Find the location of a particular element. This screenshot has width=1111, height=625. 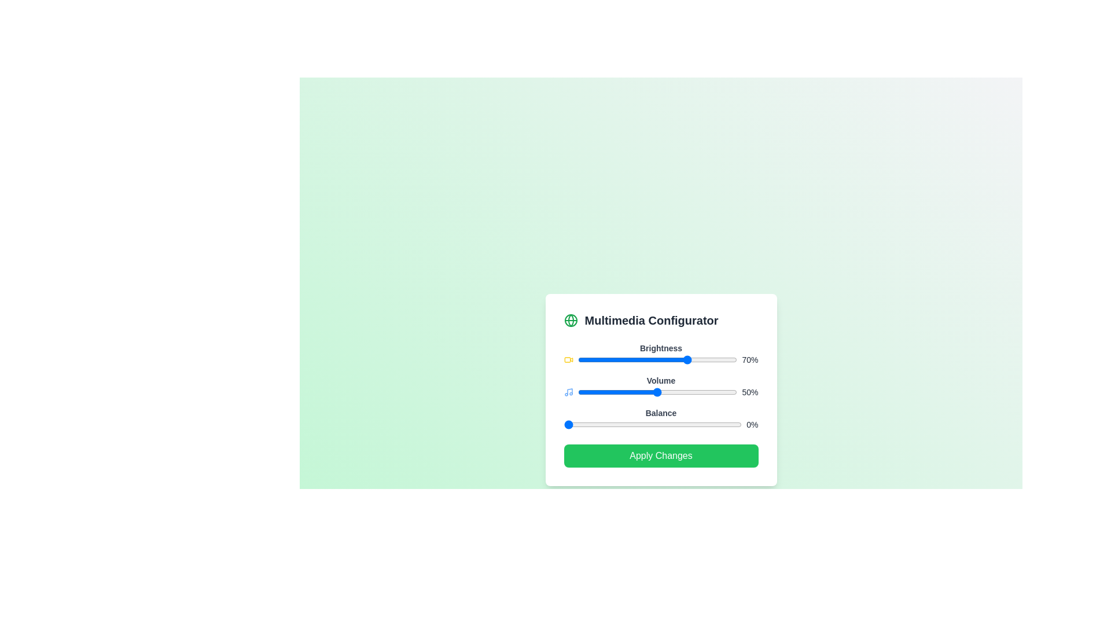

the brightness slider to 35% is located at coordinates (633, 359).